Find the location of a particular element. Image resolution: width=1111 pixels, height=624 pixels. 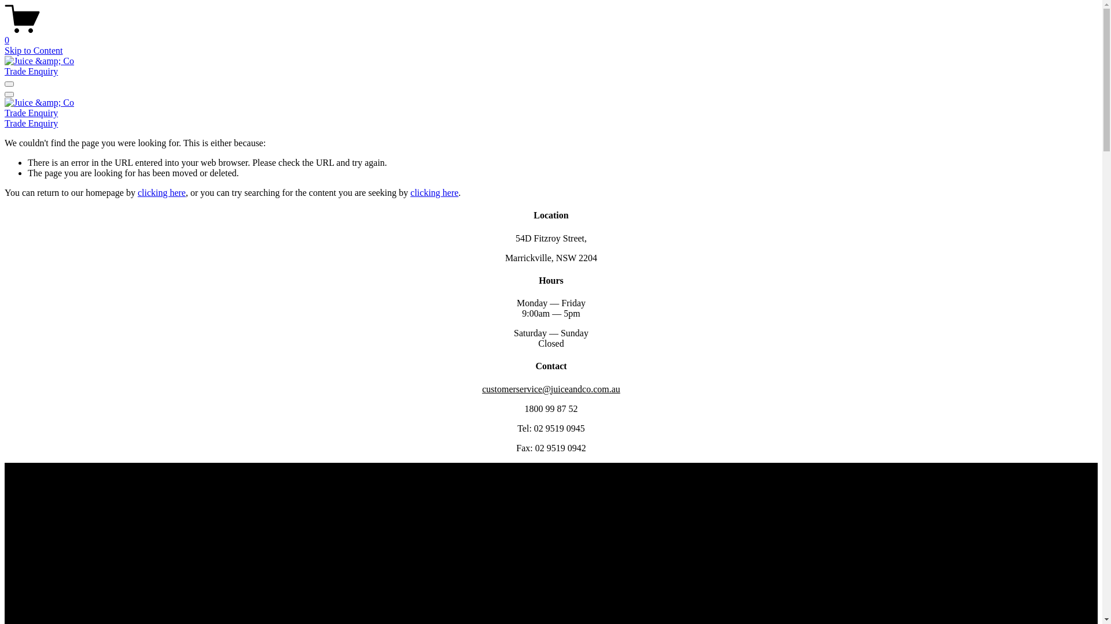

'Trade Enquiry' is located at coordinates (31, 71).